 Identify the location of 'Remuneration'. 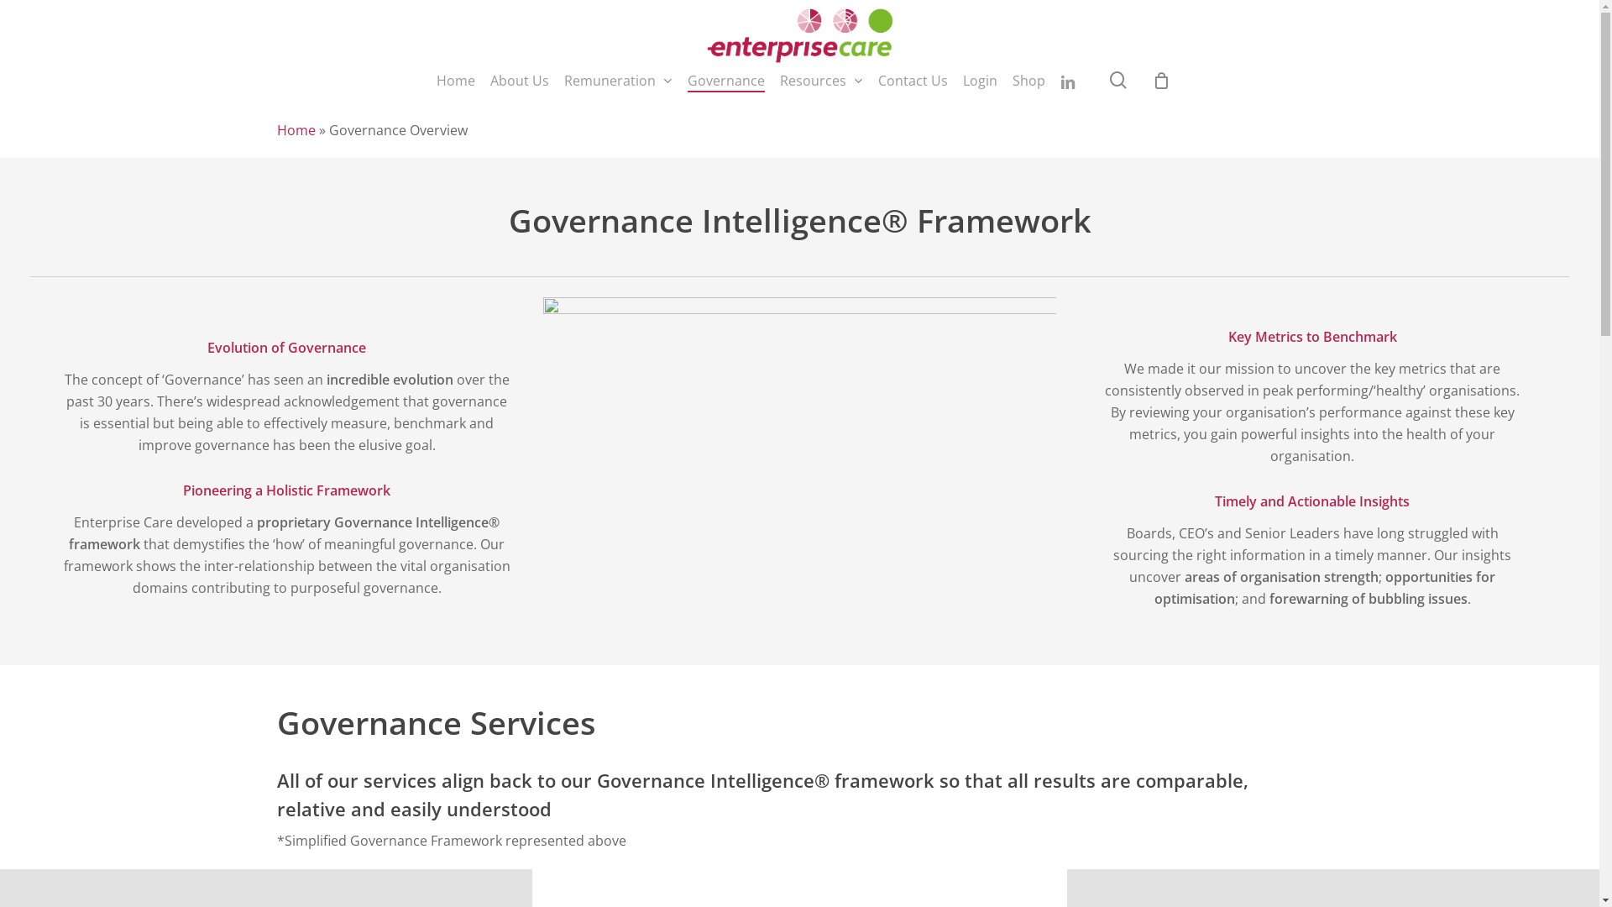
(617, 81).